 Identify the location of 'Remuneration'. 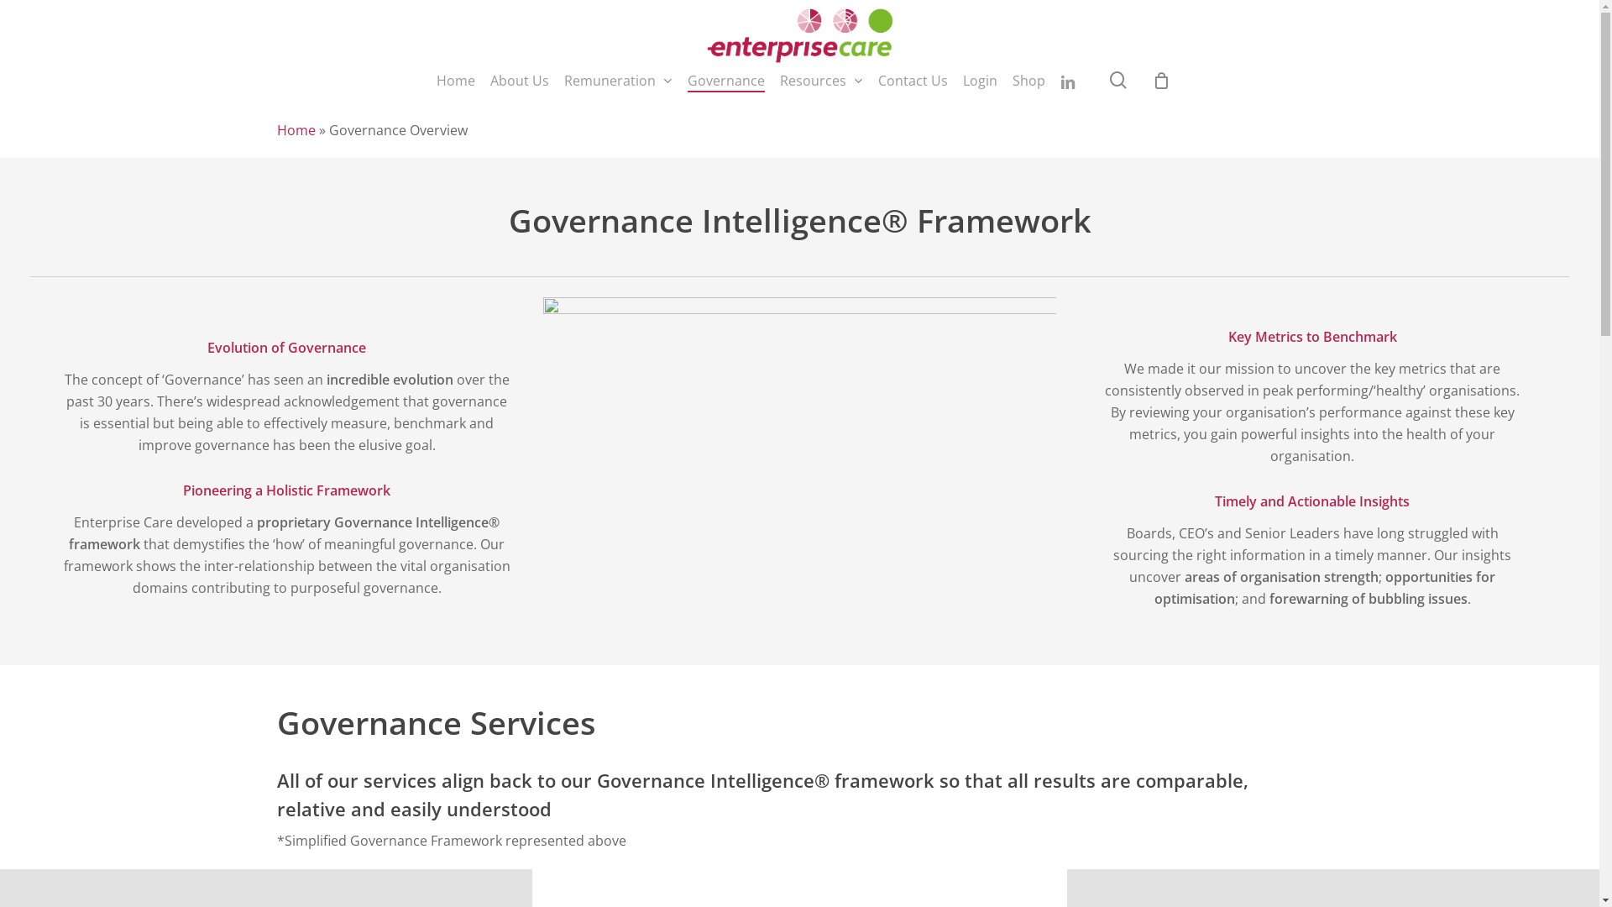
(617, 81).